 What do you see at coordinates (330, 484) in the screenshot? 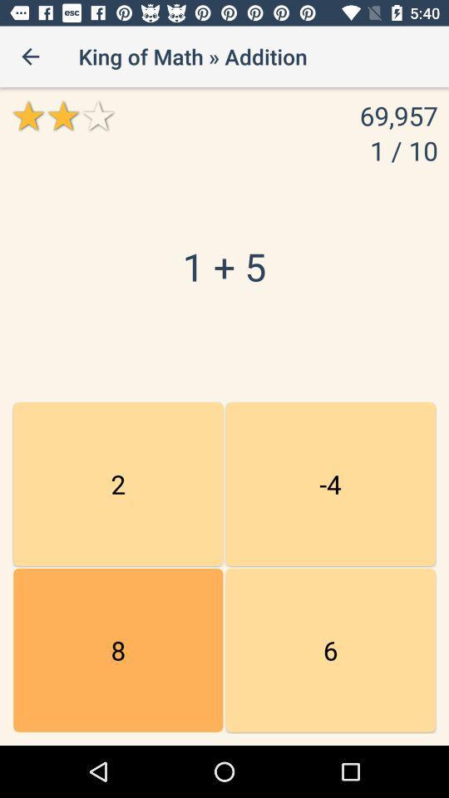
I see `25` at bounding box center [330, 484].